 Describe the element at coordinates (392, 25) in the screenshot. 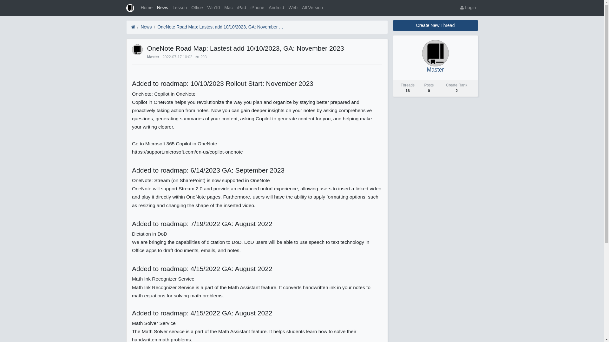

I see `'Create New Thread'` at that location.